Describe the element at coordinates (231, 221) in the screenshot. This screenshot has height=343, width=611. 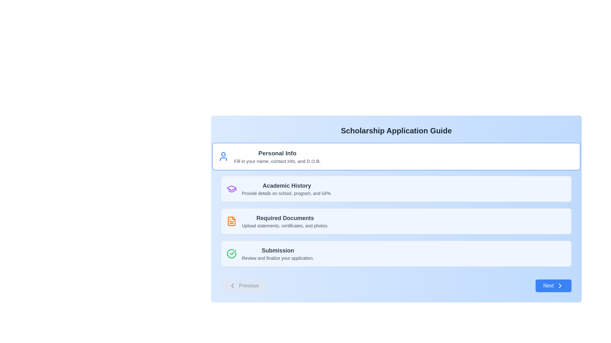
I see `the orange-colored document icon in the 'Required Documents' section, located in the third row of the main list` at that location.